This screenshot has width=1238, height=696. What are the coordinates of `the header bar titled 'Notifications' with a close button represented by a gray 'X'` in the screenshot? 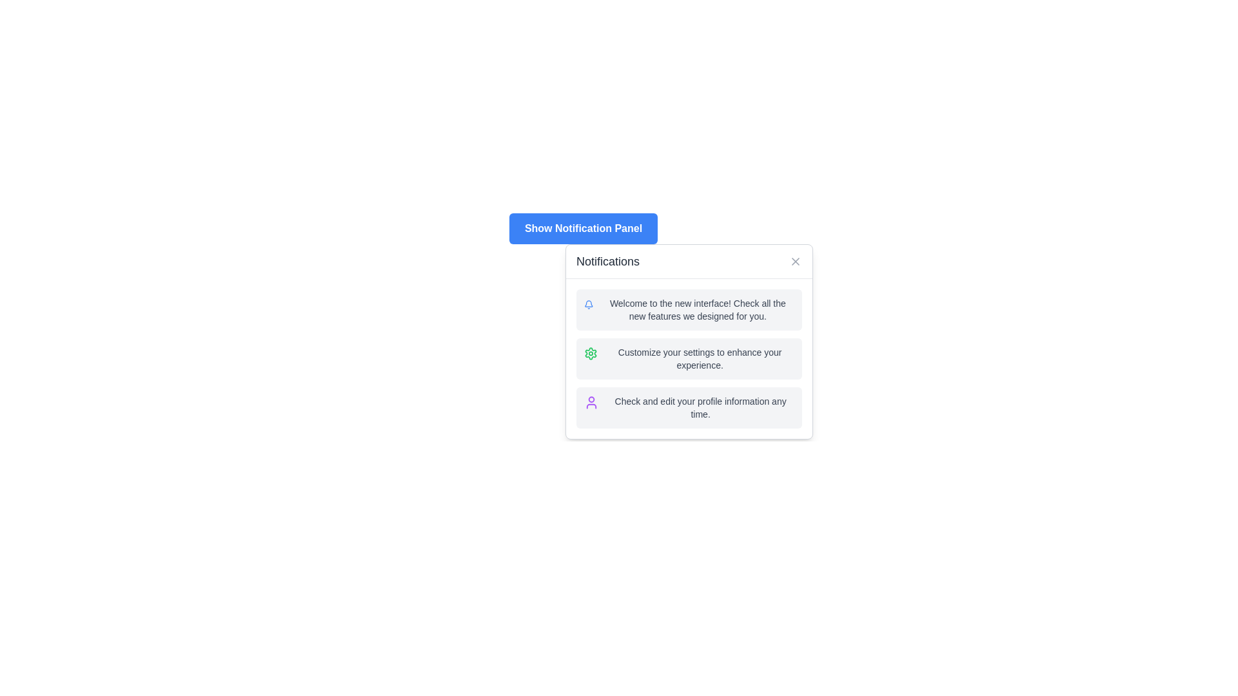 It's located at (689, 261).